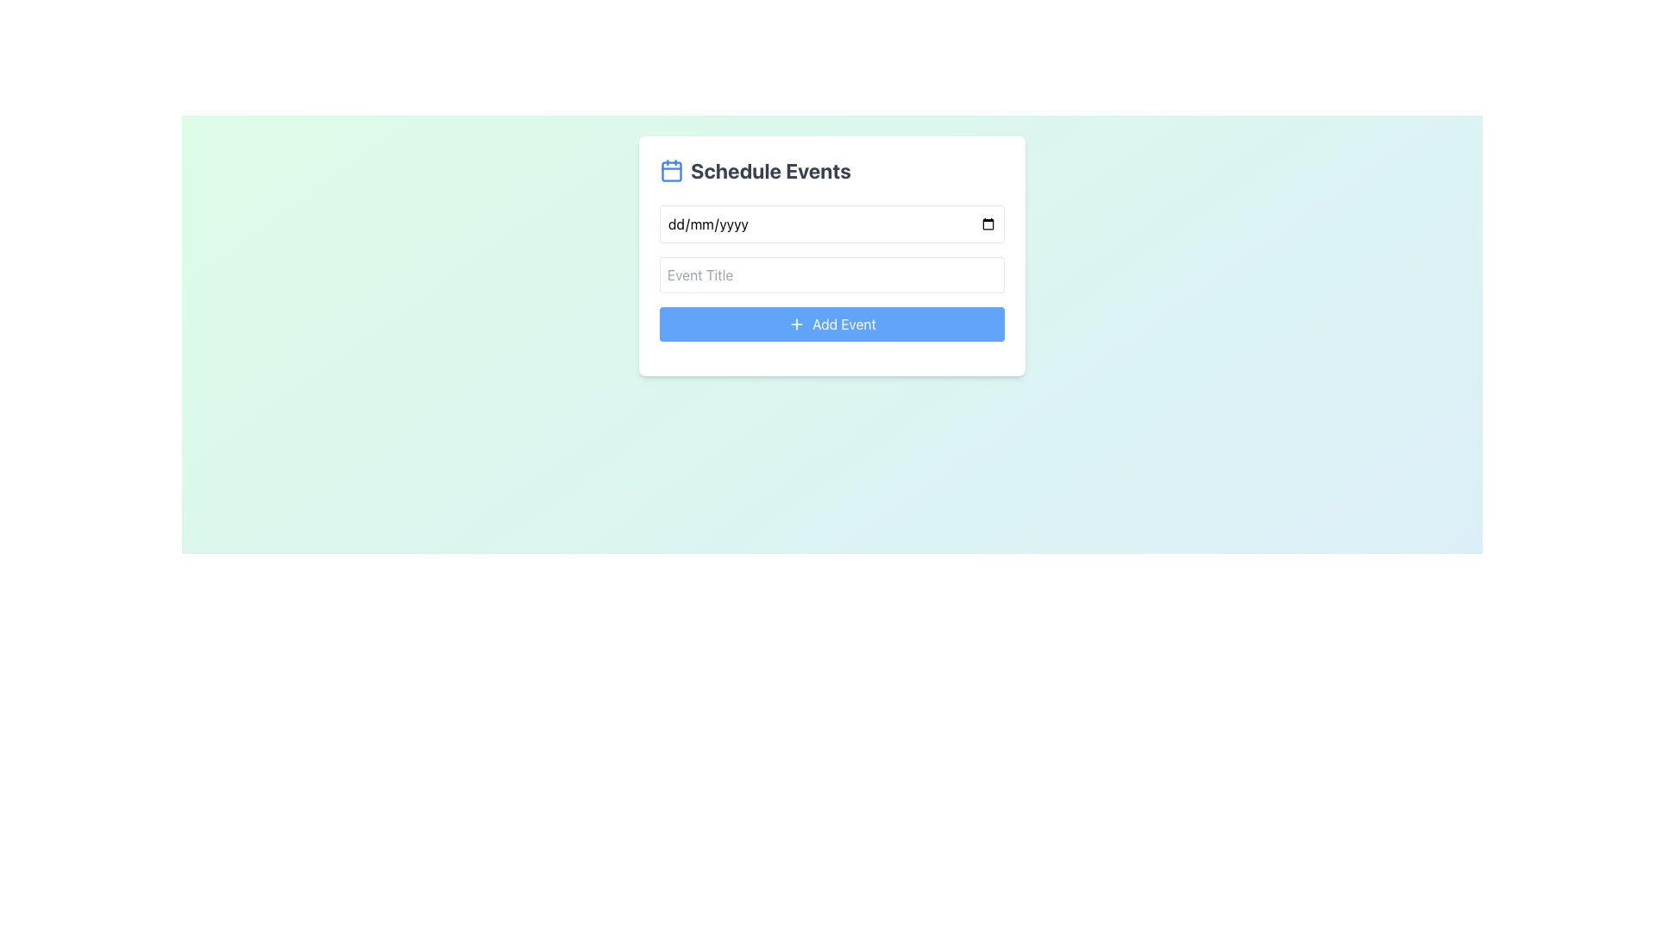 The image size is (1656, 932). I want to click on the icon located at the top-left corner of the 'Schedule Events' header, so click(670, 170).